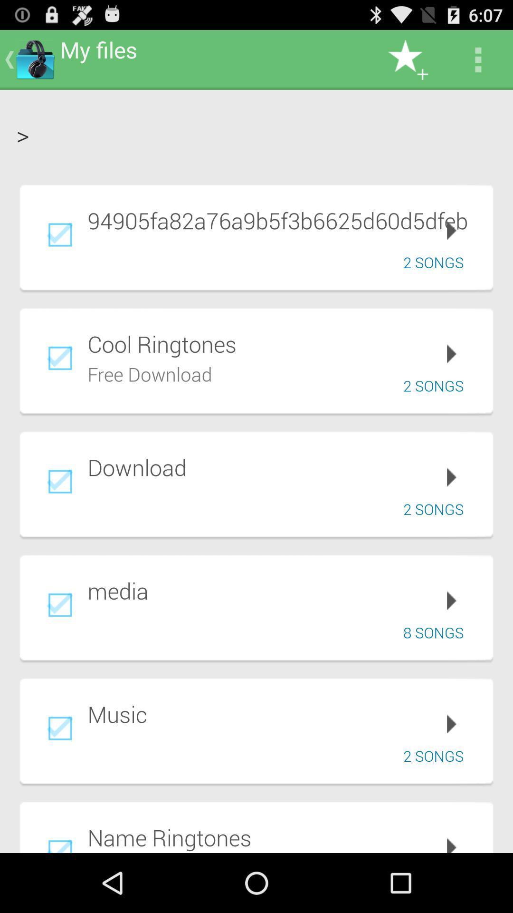 The image size is (513, 913). Describe the element at coordinates (437, 632) in the screenshot. I see `8 songs icon` at that location.